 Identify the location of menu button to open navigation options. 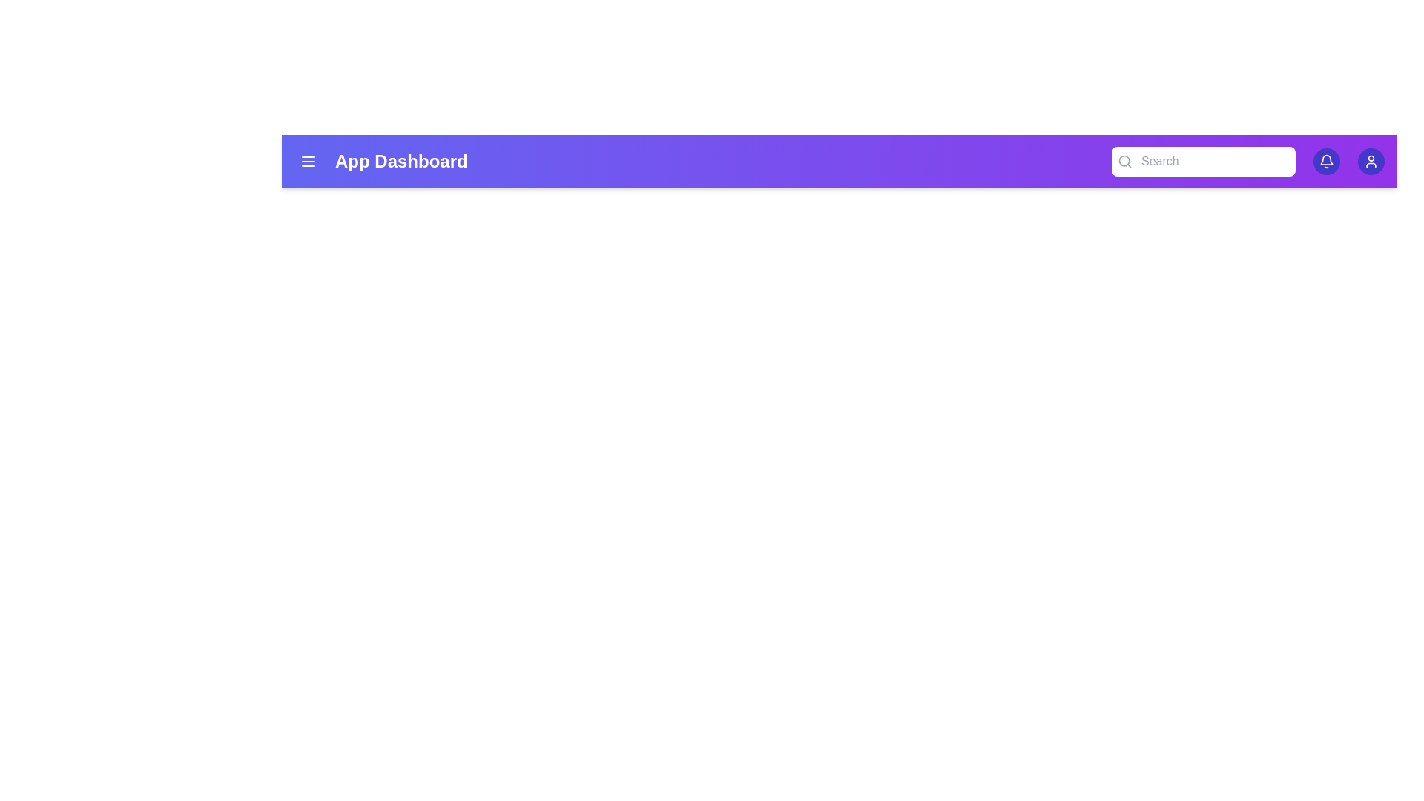
(308, 162).